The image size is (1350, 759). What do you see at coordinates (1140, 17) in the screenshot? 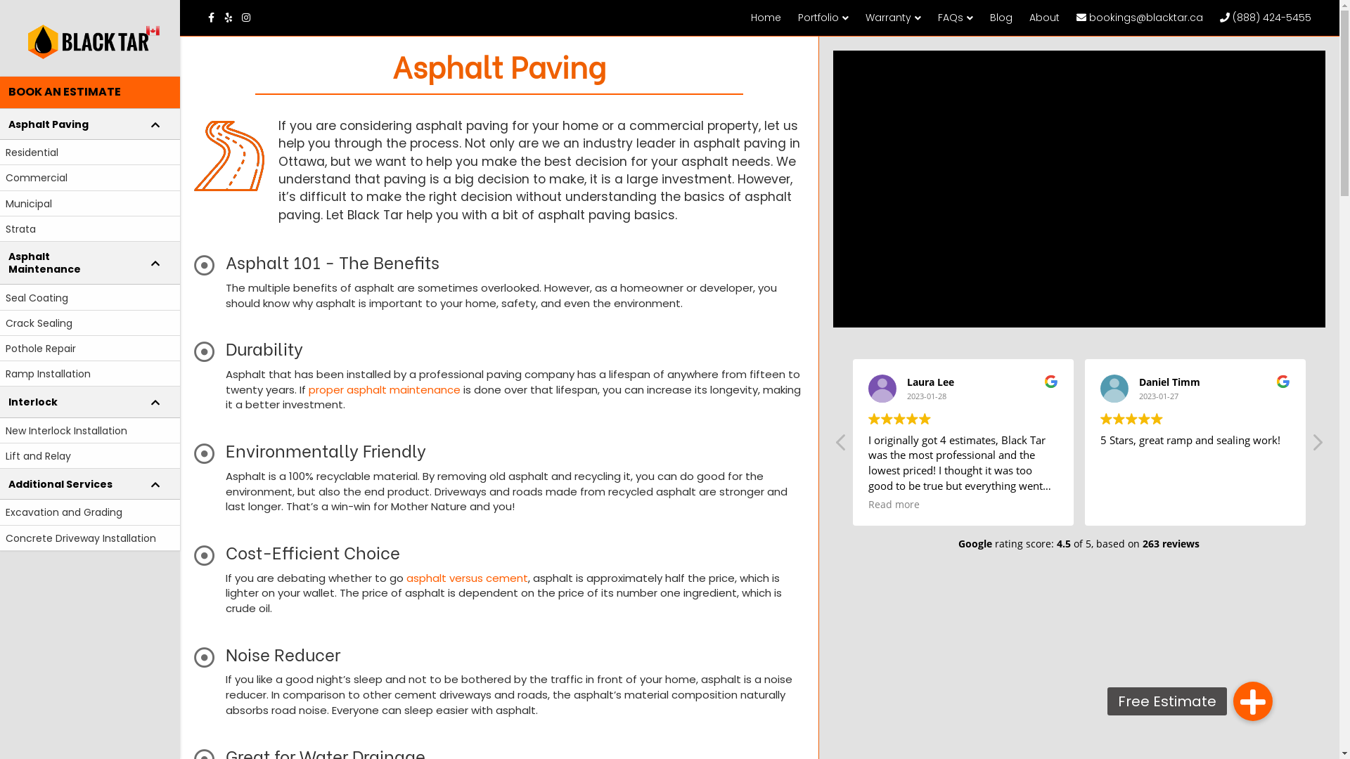
I see `'bookings@blacktar.ca'` at bounding box center [1140, 17].